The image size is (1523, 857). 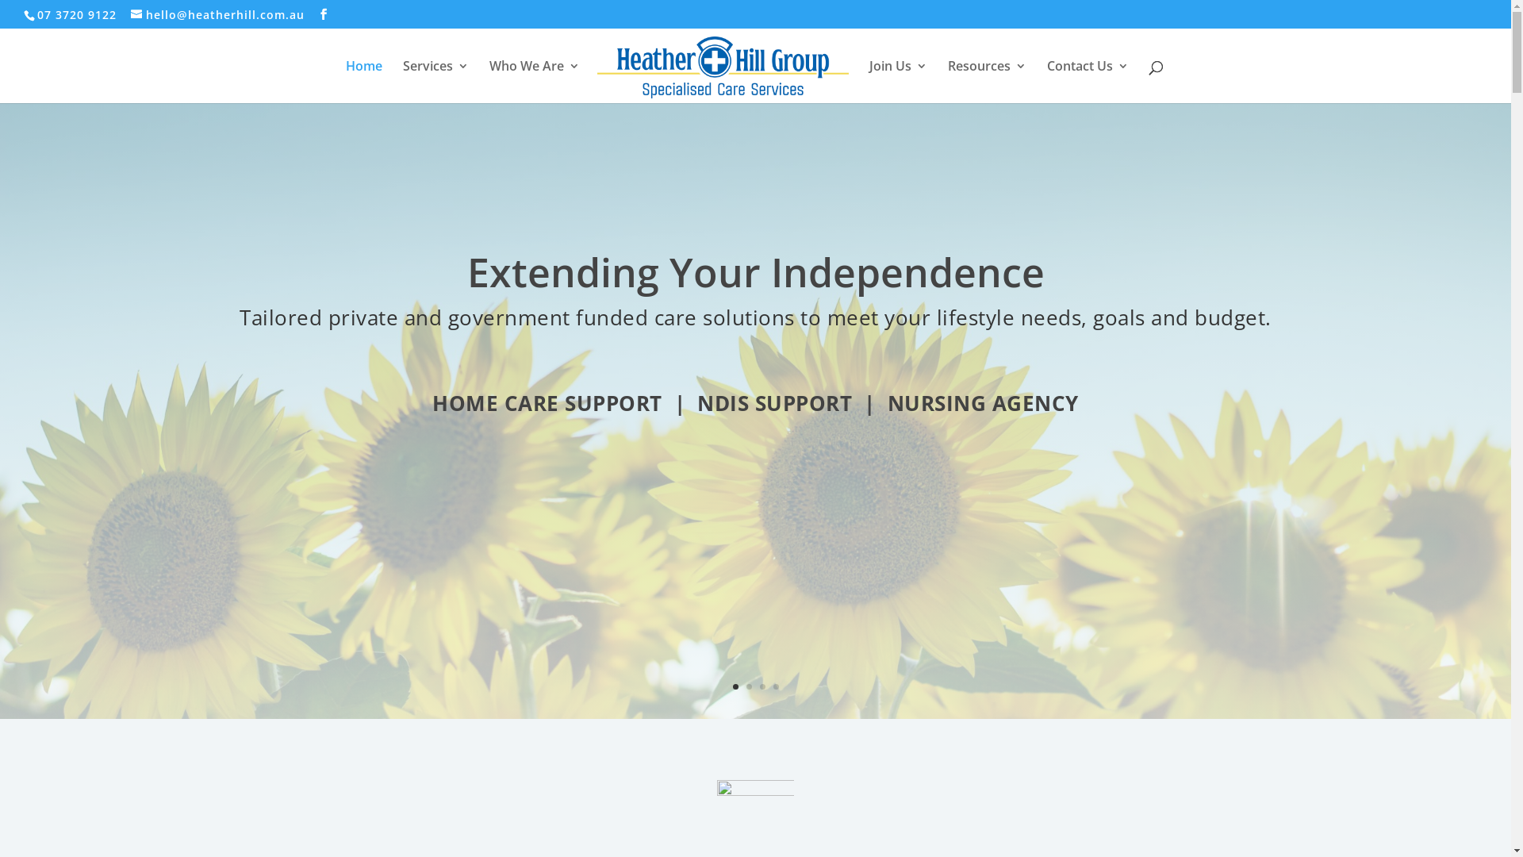 I want to click on 'Home', so click(x=363, y=82).